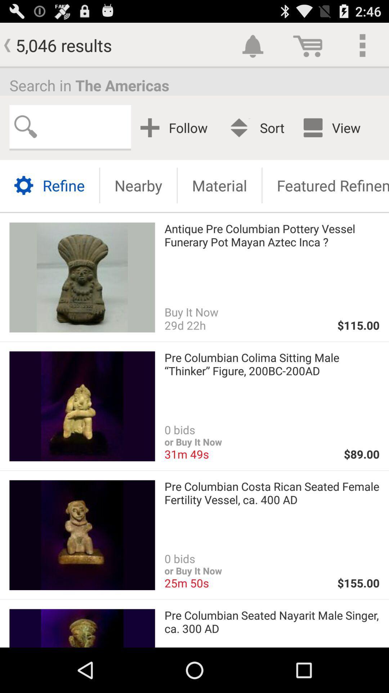 Image resolution: width=389 pixels, height=693 pixels. Describe the element at coordinates (138, 185) in the screenshot. I see `the nearby button` at that location.